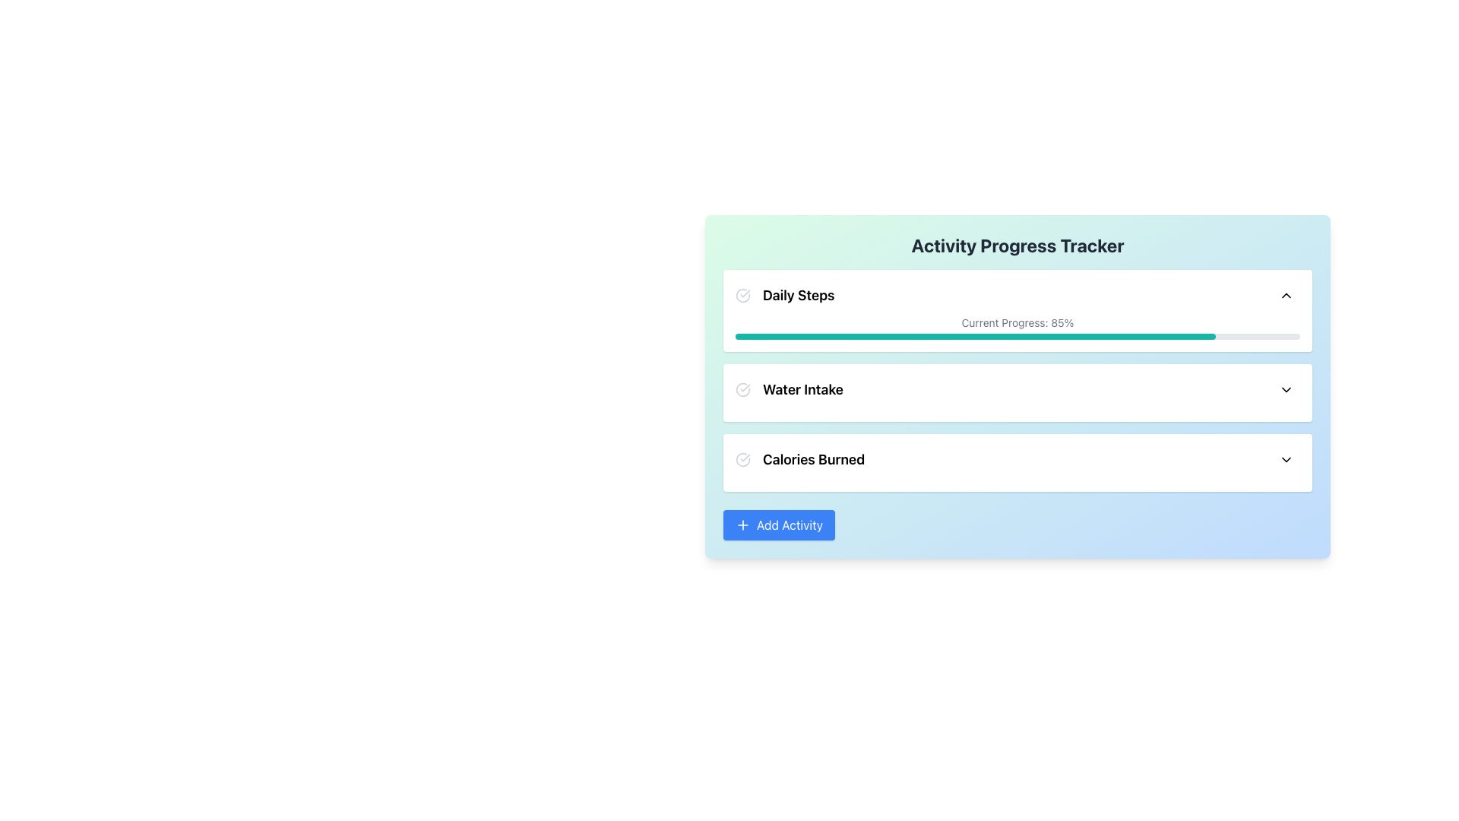 The image size is (1459, 821). Describe the element at coordinates (802, 389) in the screenshot. I see `the 'Water Intake' text label that is bold and medium-sized, indicating its importance, located to the right of a circular icon in the second row under the 'Activity Progress Tracker' heading` at that location.